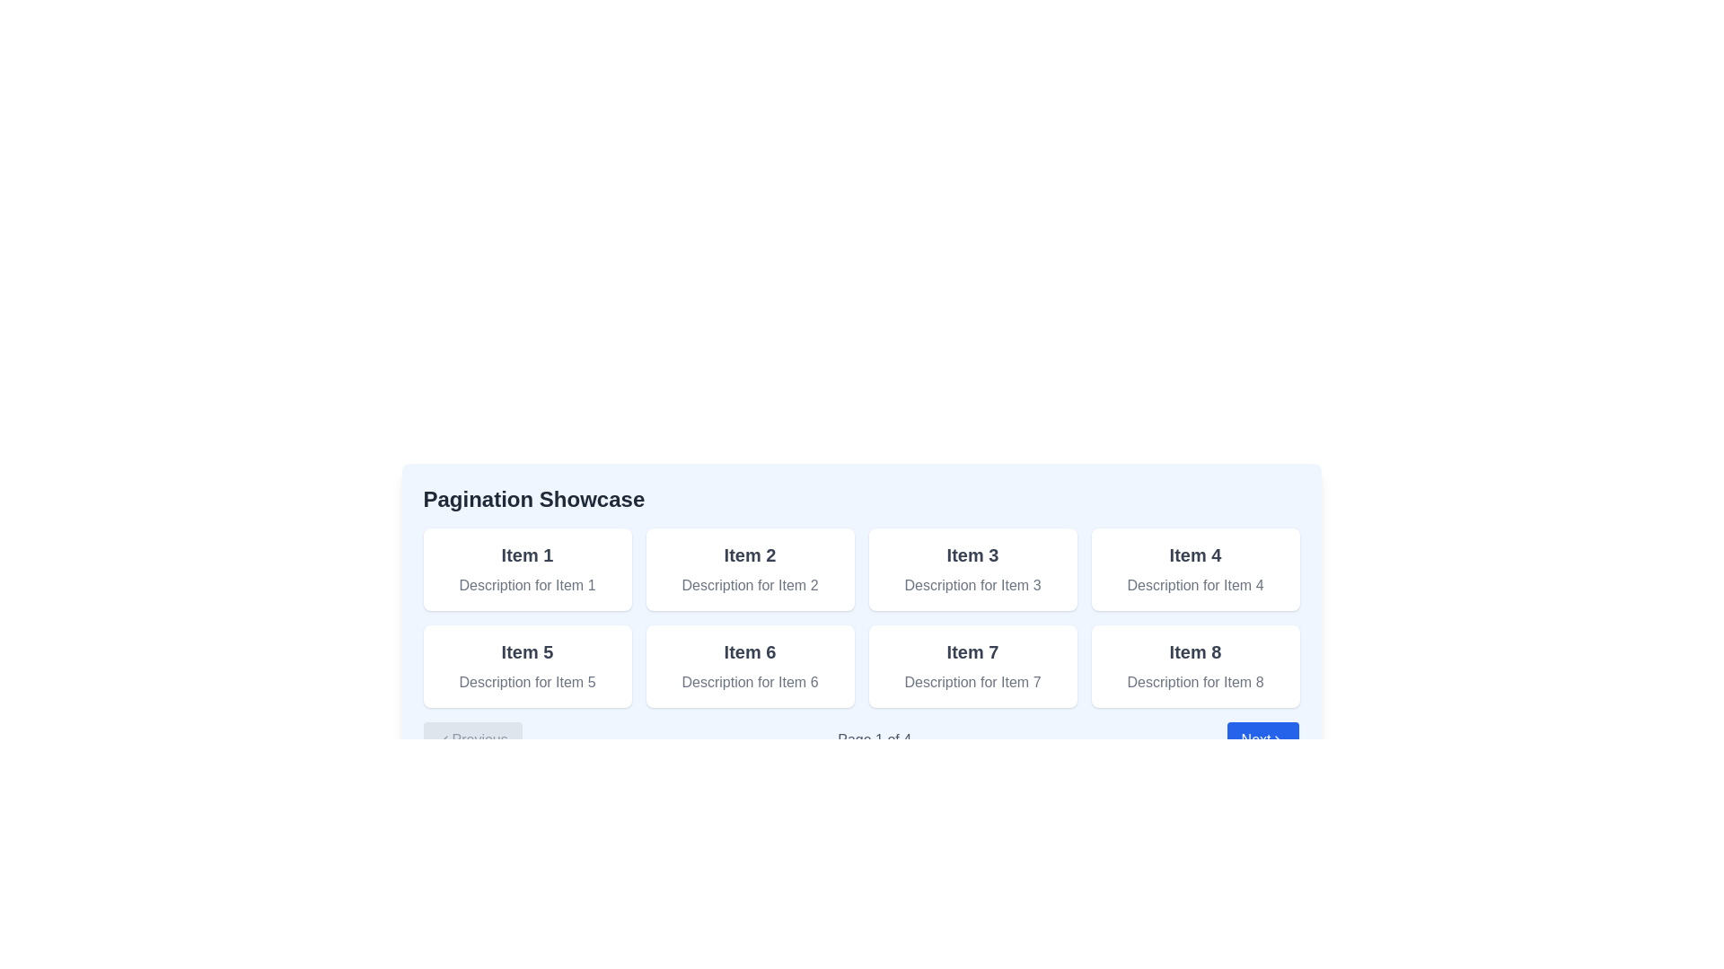 The image size is (1724, 969). What do you see at coordinates (526, 667) in the screenshot?
I see `the informational card displaying details about 'Item 5', located in the second row, first column of the grid layout` at bounding box center [526, 667].